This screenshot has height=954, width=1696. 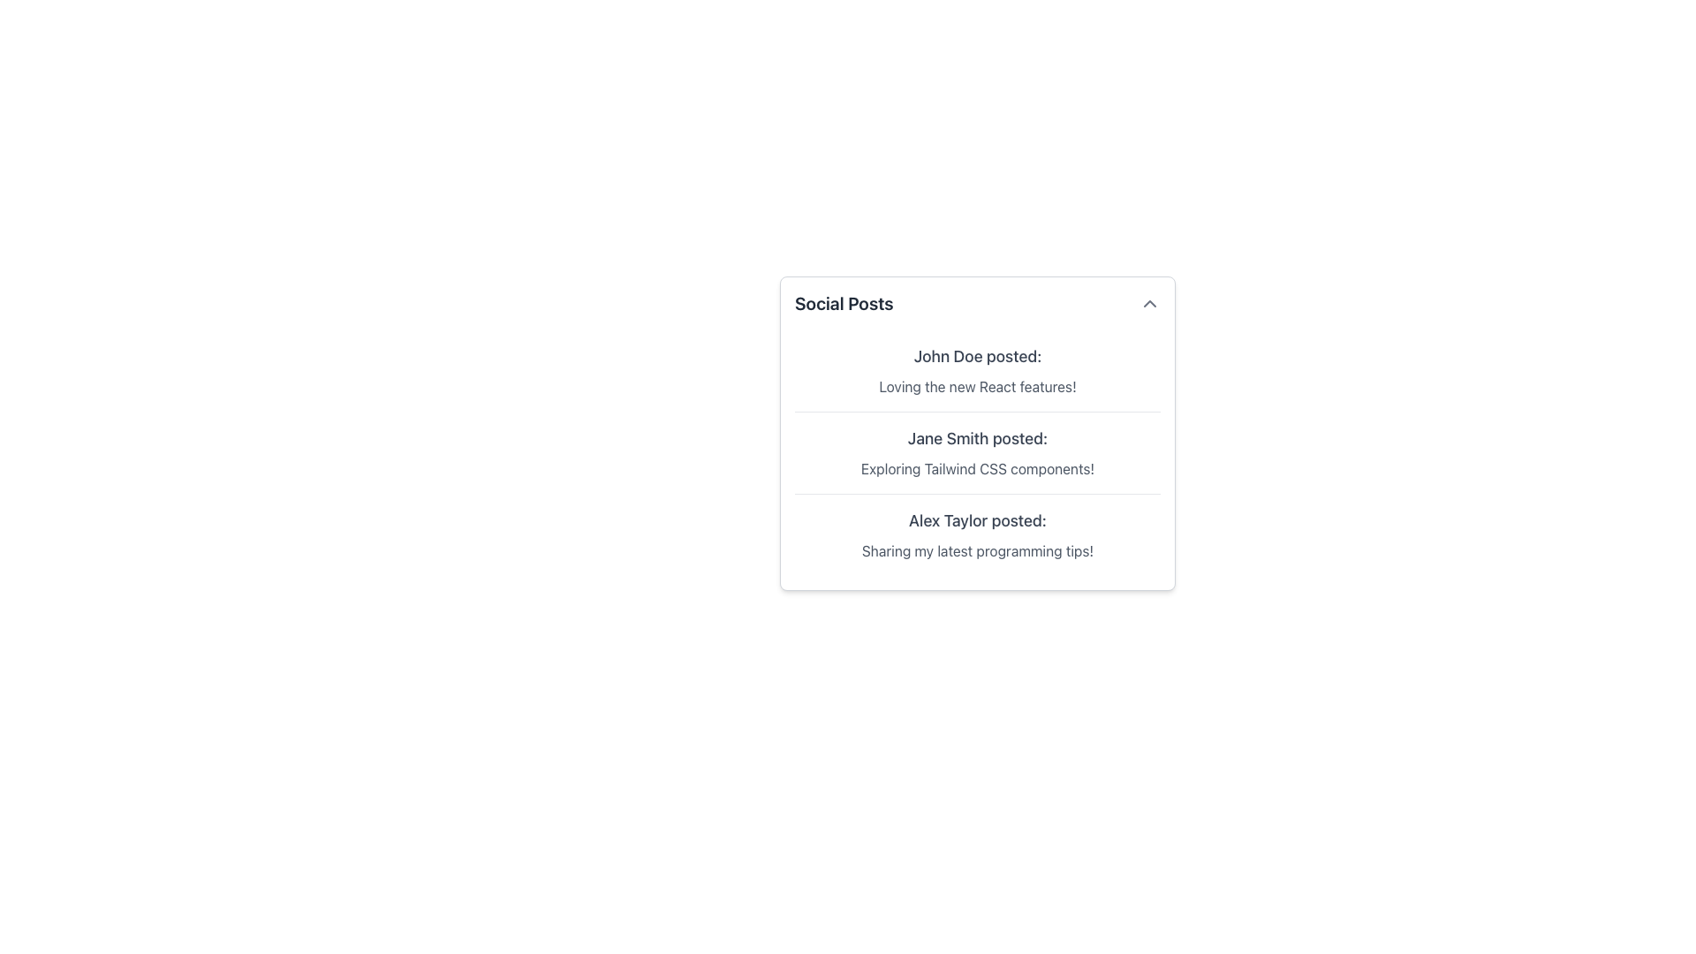 I want to click on the Chevron toggle element in the top-right corner of the 'Social Posts' panel, so click(x=1149, y=302).